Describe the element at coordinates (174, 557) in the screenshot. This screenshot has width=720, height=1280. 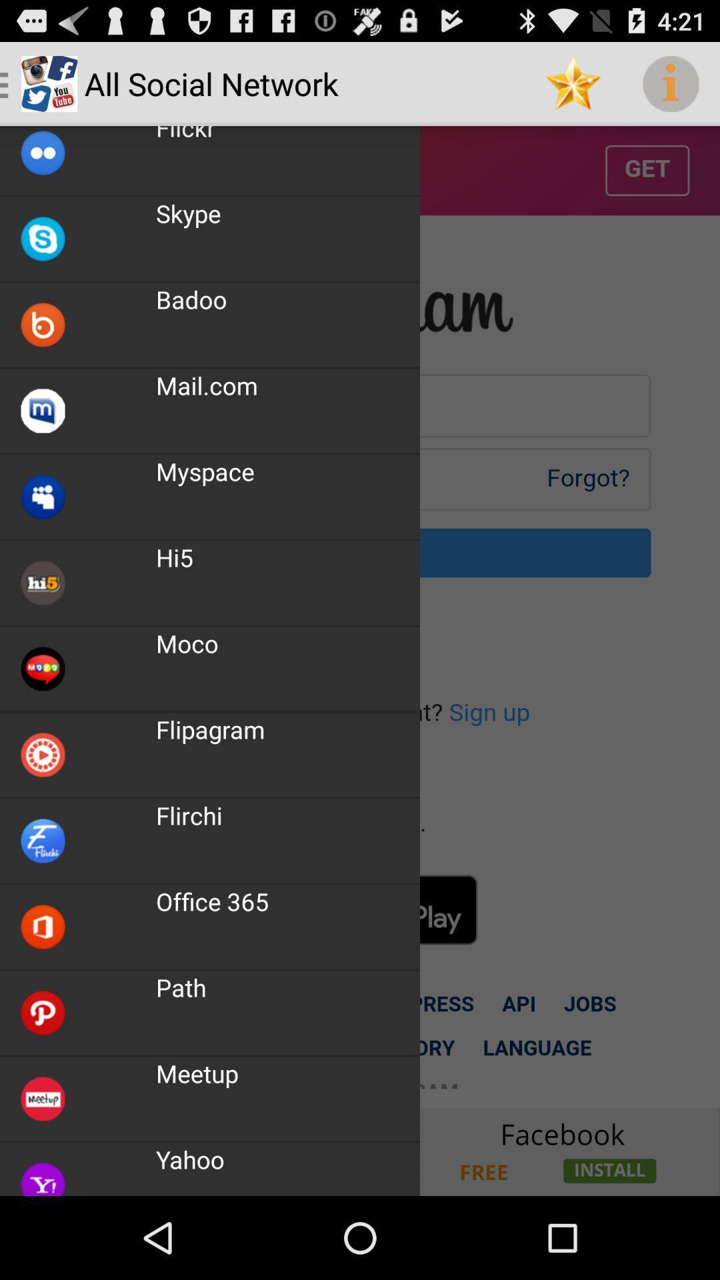
I see `the icon below myspace app` at that location.